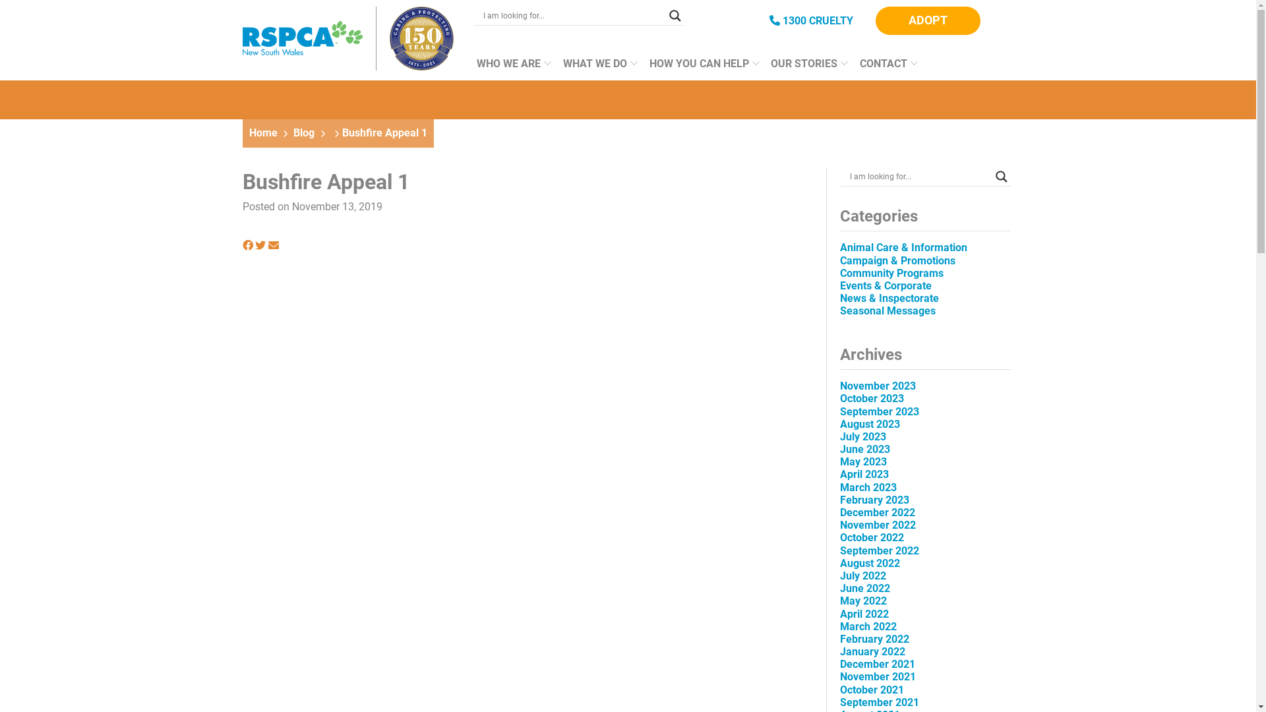 This screenshot has height=712, width=1266. Describe the element at coordinates (868, 626) in the screenshot. I see `'March 2022'` at that location.